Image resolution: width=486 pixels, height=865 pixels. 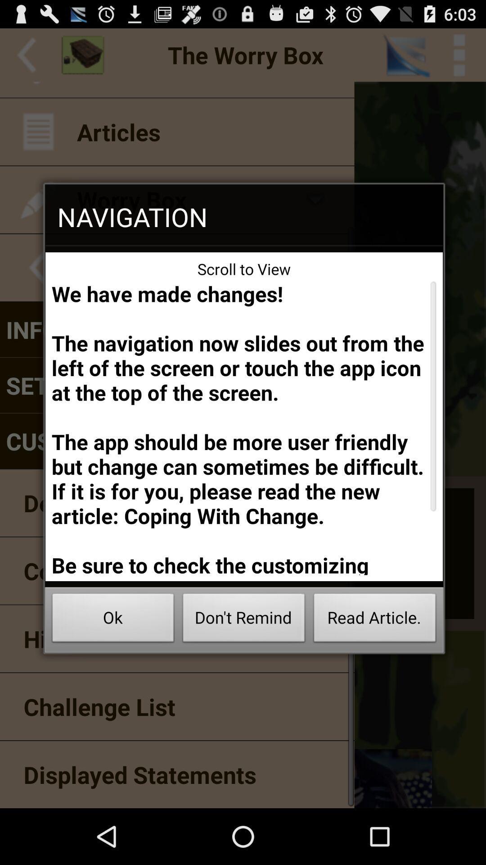 What do you see at coordinates (375, 620) in the screenshot?
I see `the icon below the we have made item` at bounding box center [375, 620].